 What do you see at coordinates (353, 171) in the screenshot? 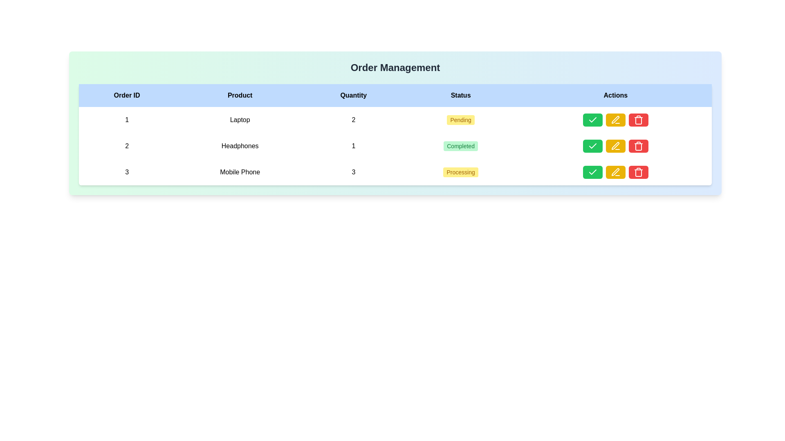
I see `the Text label displaying the number '3' in bold font, located in the third cell of the 'Quantity' column aligned with the 'Mobile Phone' row` at bounding box center [353, 171].